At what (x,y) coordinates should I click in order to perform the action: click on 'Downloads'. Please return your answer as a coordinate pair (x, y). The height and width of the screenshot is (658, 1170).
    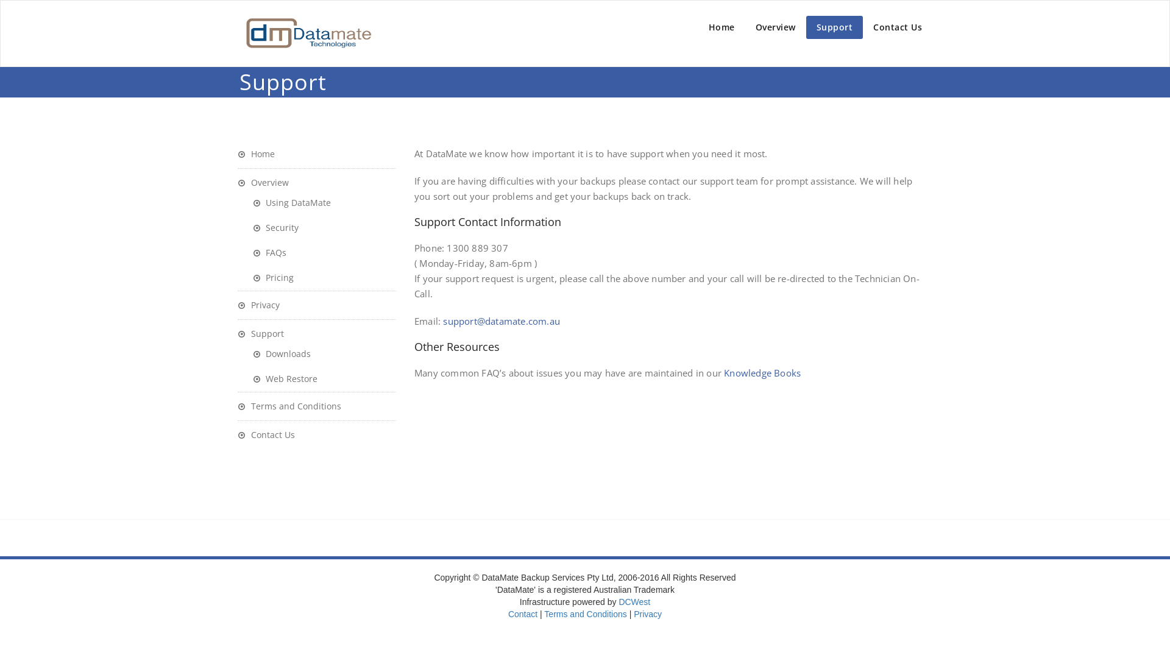
    Looking at the image, I should click on (281, 353).